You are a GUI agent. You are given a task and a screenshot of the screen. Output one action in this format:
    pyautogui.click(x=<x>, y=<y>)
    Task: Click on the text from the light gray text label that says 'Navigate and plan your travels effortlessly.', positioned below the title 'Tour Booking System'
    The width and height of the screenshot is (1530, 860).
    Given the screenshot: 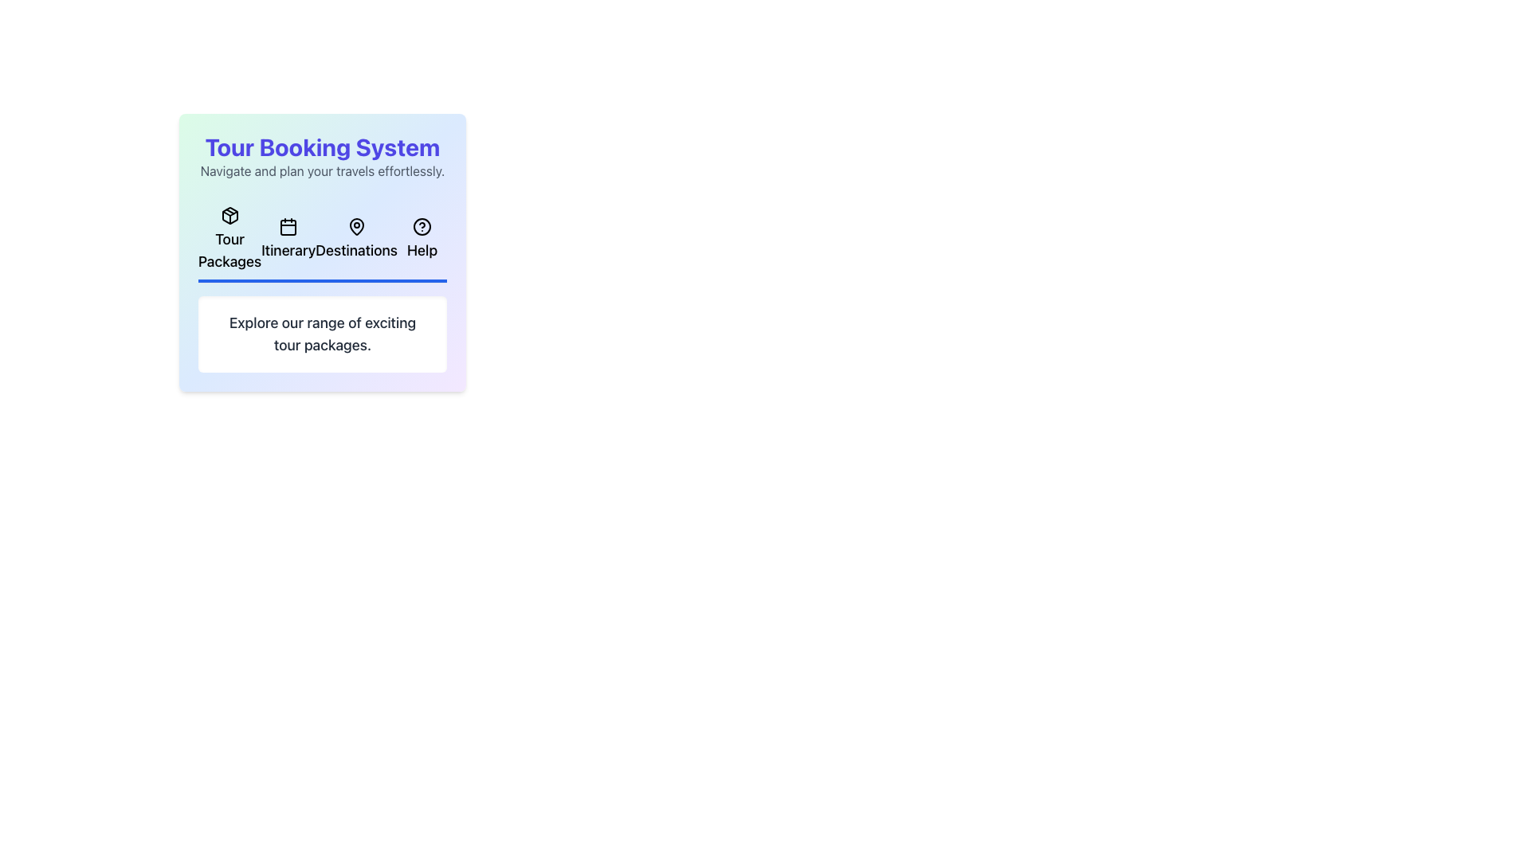 What is the action you would take?
    pyautogui.click(x=321, y=171)
    